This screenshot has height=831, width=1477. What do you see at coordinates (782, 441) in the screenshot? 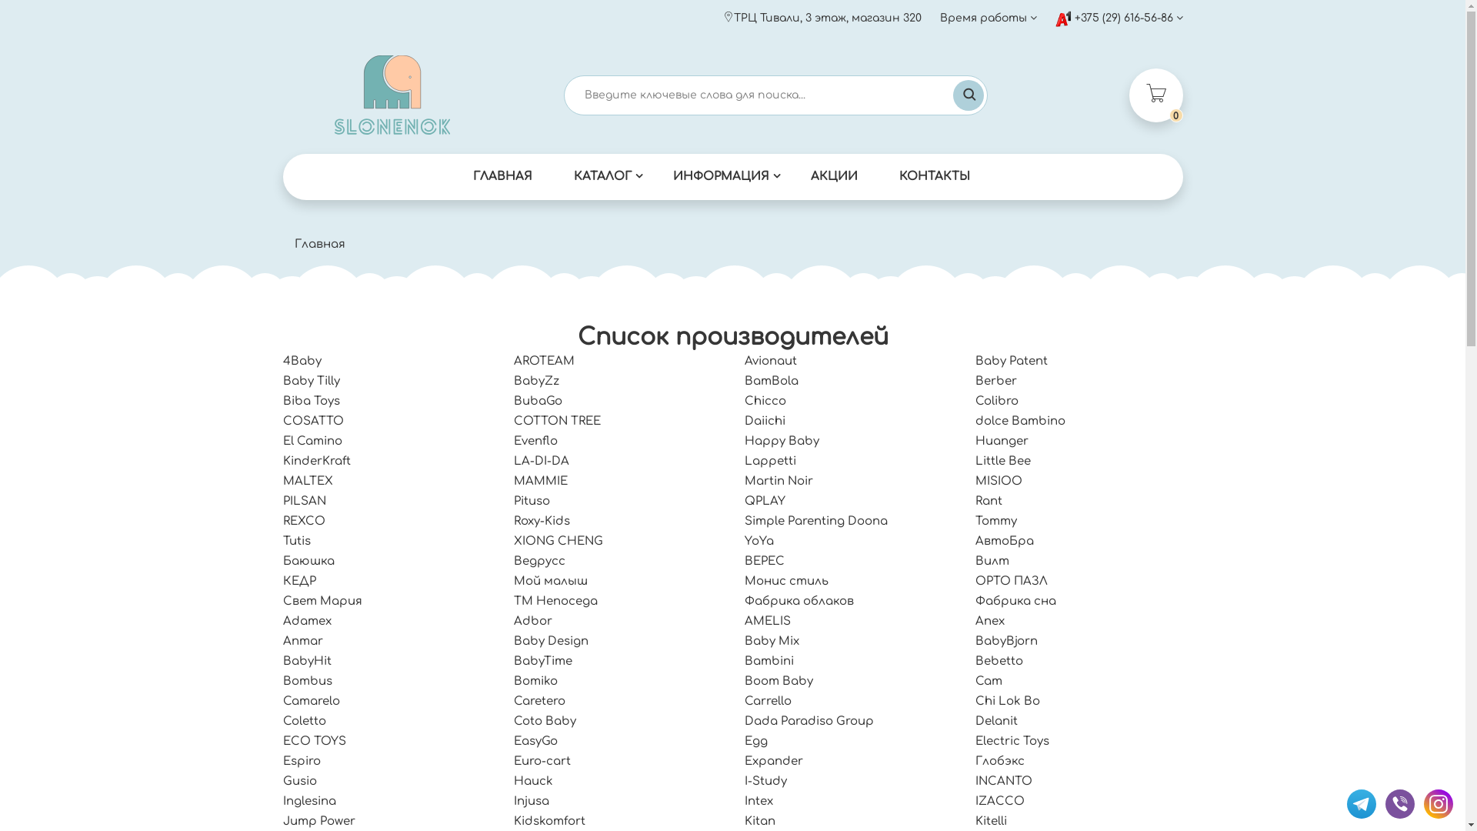
I see `'Happy Baby'` at bounding box center [782, 441].